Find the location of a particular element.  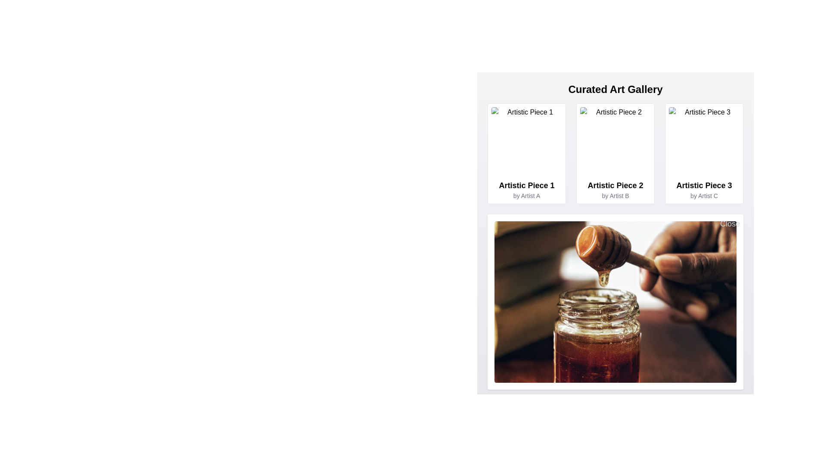

text displayed in the Text Display element titled 'Artistic Piece 1' by 'Artist A', which is centered within its card in the grid layout is located at coordinates (526, 189).